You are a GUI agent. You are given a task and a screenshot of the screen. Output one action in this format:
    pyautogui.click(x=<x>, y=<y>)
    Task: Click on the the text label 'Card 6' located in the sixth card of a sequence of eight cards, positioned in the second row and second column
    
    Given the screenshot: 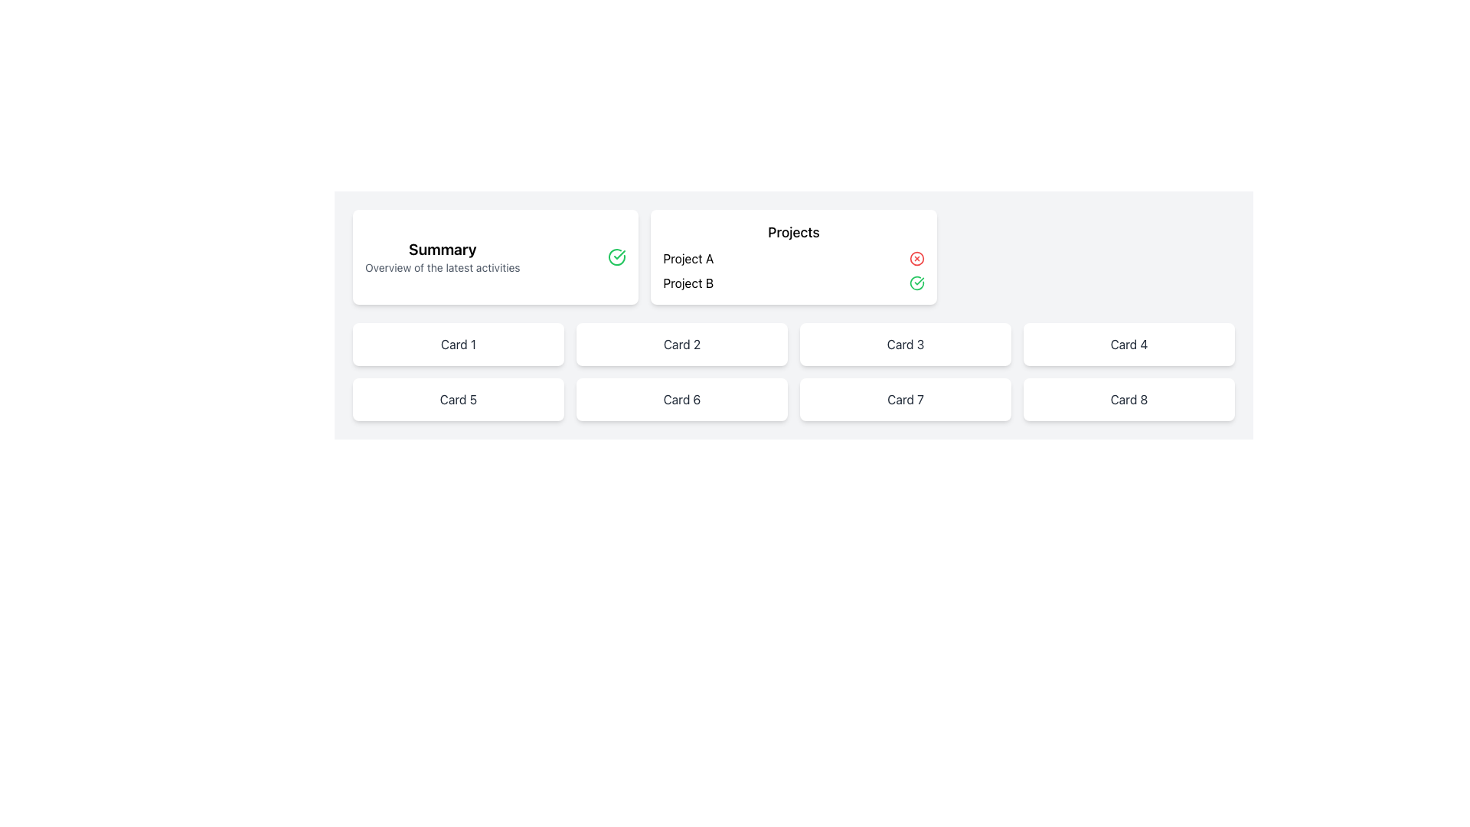 What is the action you would take?
    pyautogui.click(x=681, y=398)
    